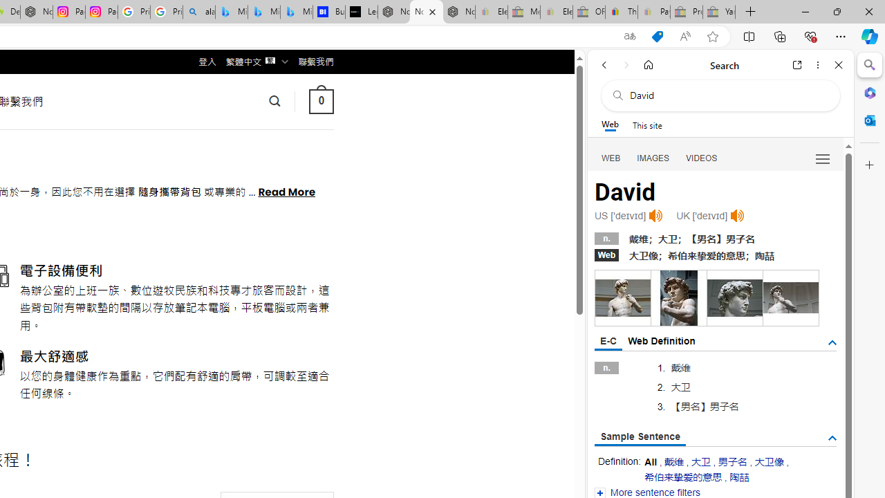  I want to click on 'Microsoft Bing Travel - Flights from Hong Kong to Bangkok', so click(232, 12).